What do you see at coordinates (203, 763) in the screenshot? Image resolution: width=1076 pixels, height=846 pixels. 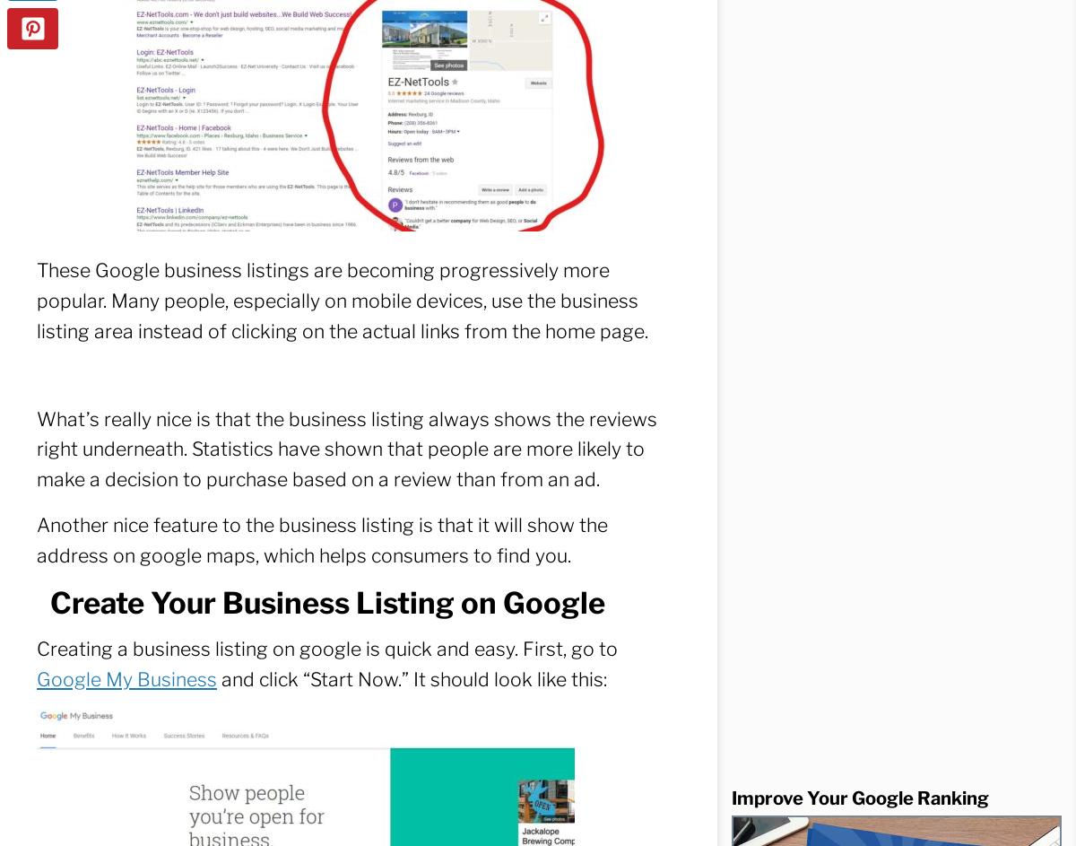 I see `'Marketing & SEO'` at bounding box center [203, 763].